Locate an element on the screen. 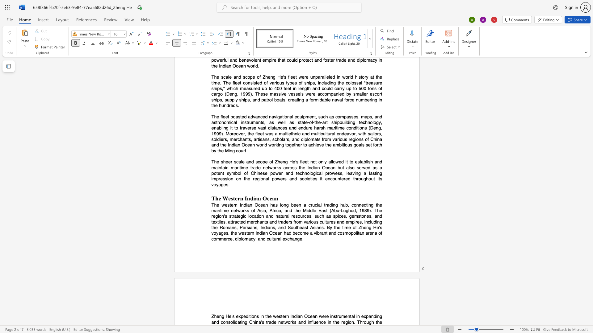 This screenshot has width=593, height=333. the subset text "e Western Indian O" within the text "The Western Indian Ocean" is located at coordinates (218, 198).